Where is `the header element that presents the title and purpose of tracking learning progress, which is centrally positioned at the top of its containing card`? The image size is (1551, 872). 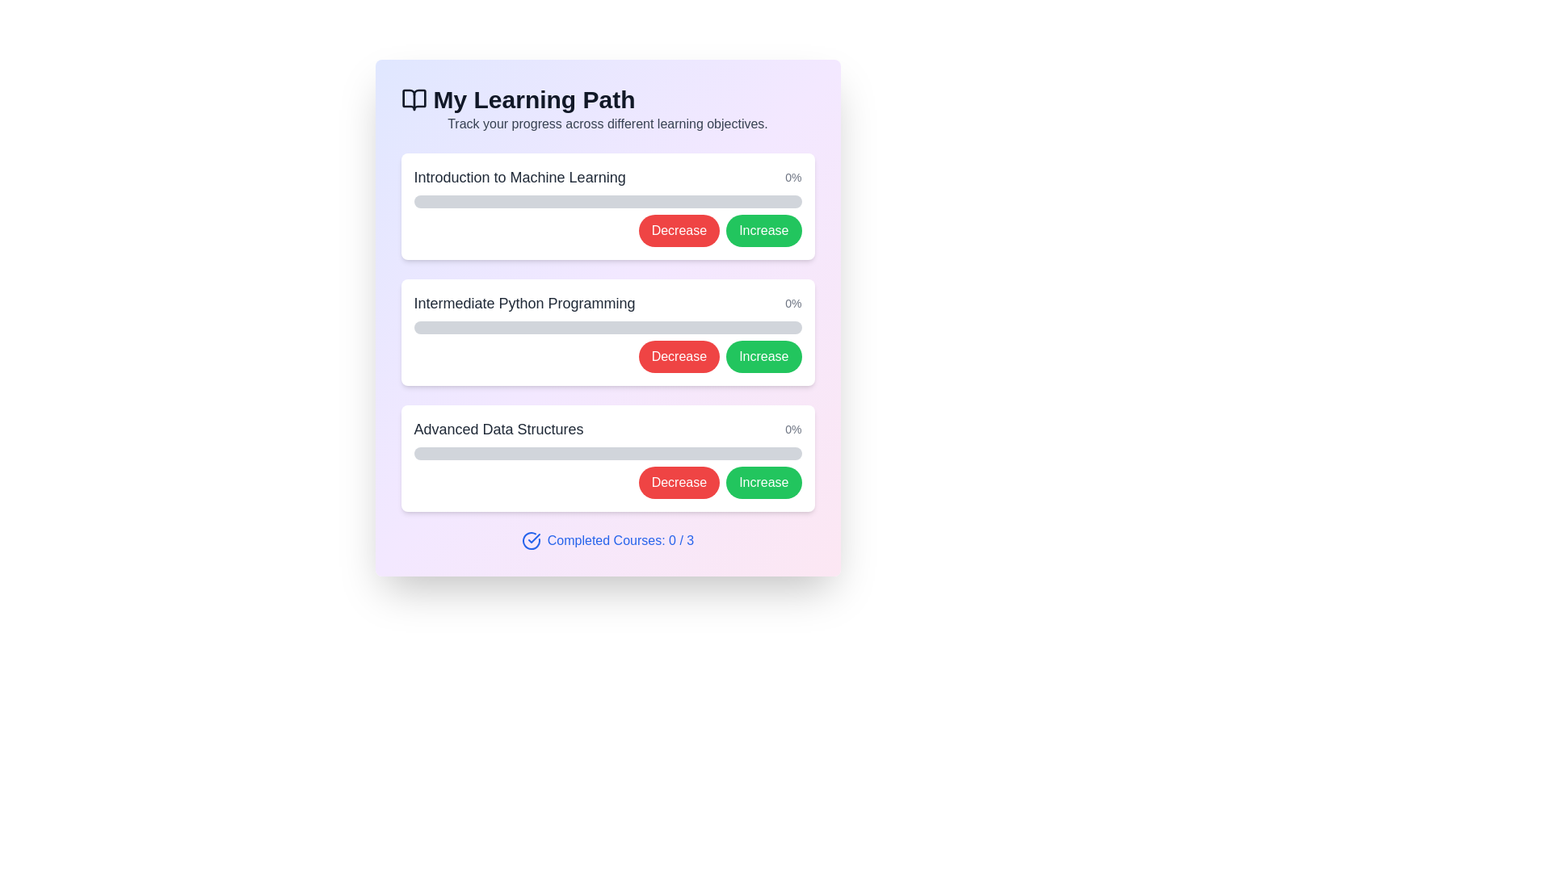
the header element that presents the title and purpose of tracking learning progress, which is centrally positioned at the top of its containing card is located at coordinates (607, 109).